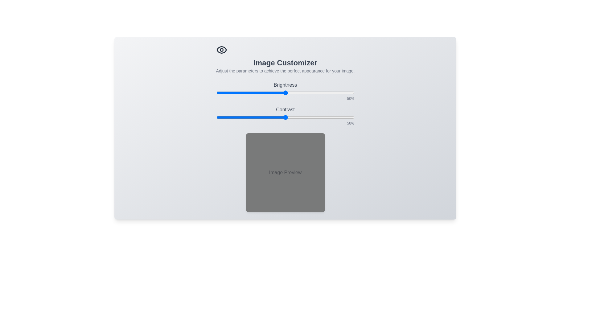 The width and height of the screenshot is (592, 333). What do you see at coordinates (224, 92) in the screenshot?
I see `the brightness slider to set brightness to 6%` at bounding box center [224, 92].